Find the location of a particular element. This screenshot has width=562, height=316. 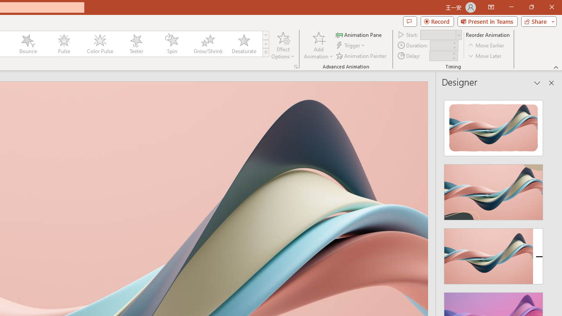

'Animation Styles' is located at coordinates (265, 53).